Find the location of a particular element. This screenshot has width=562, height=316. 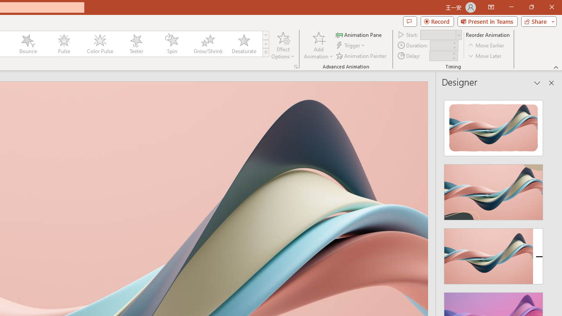

'Animation Styles' is located at coordinates (265, 53).